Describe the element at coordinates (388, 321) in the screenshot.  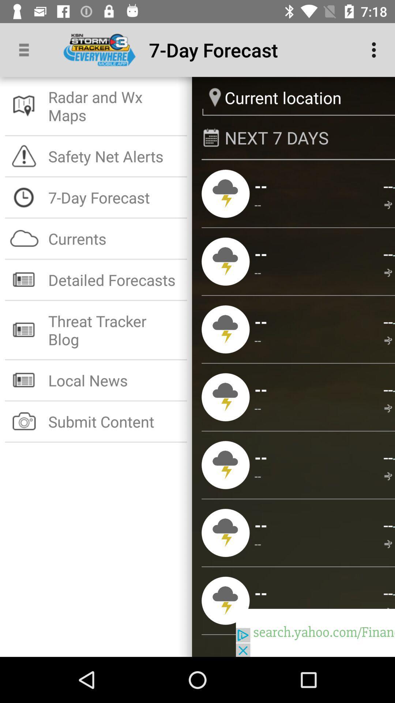
I see `the -- item` at that location.